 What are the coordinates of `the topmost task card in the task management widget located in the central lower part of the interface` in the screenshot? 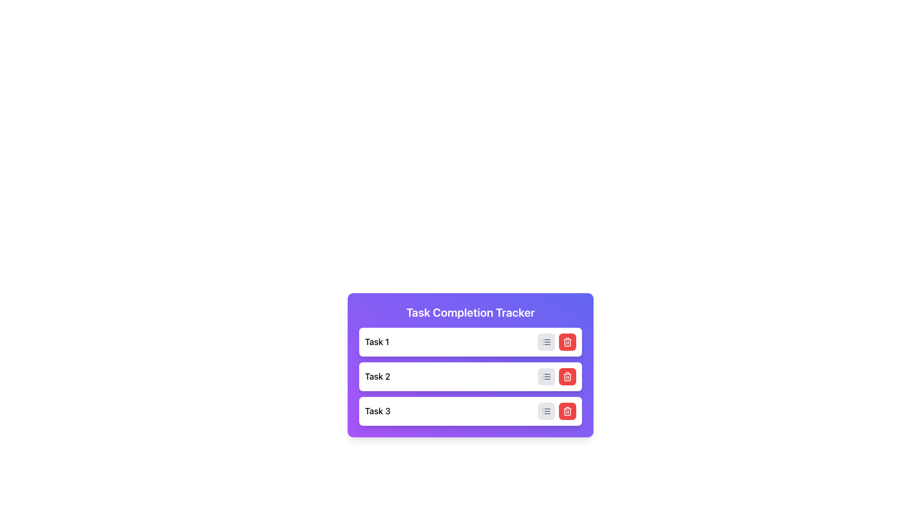 It's located at (470, 342).